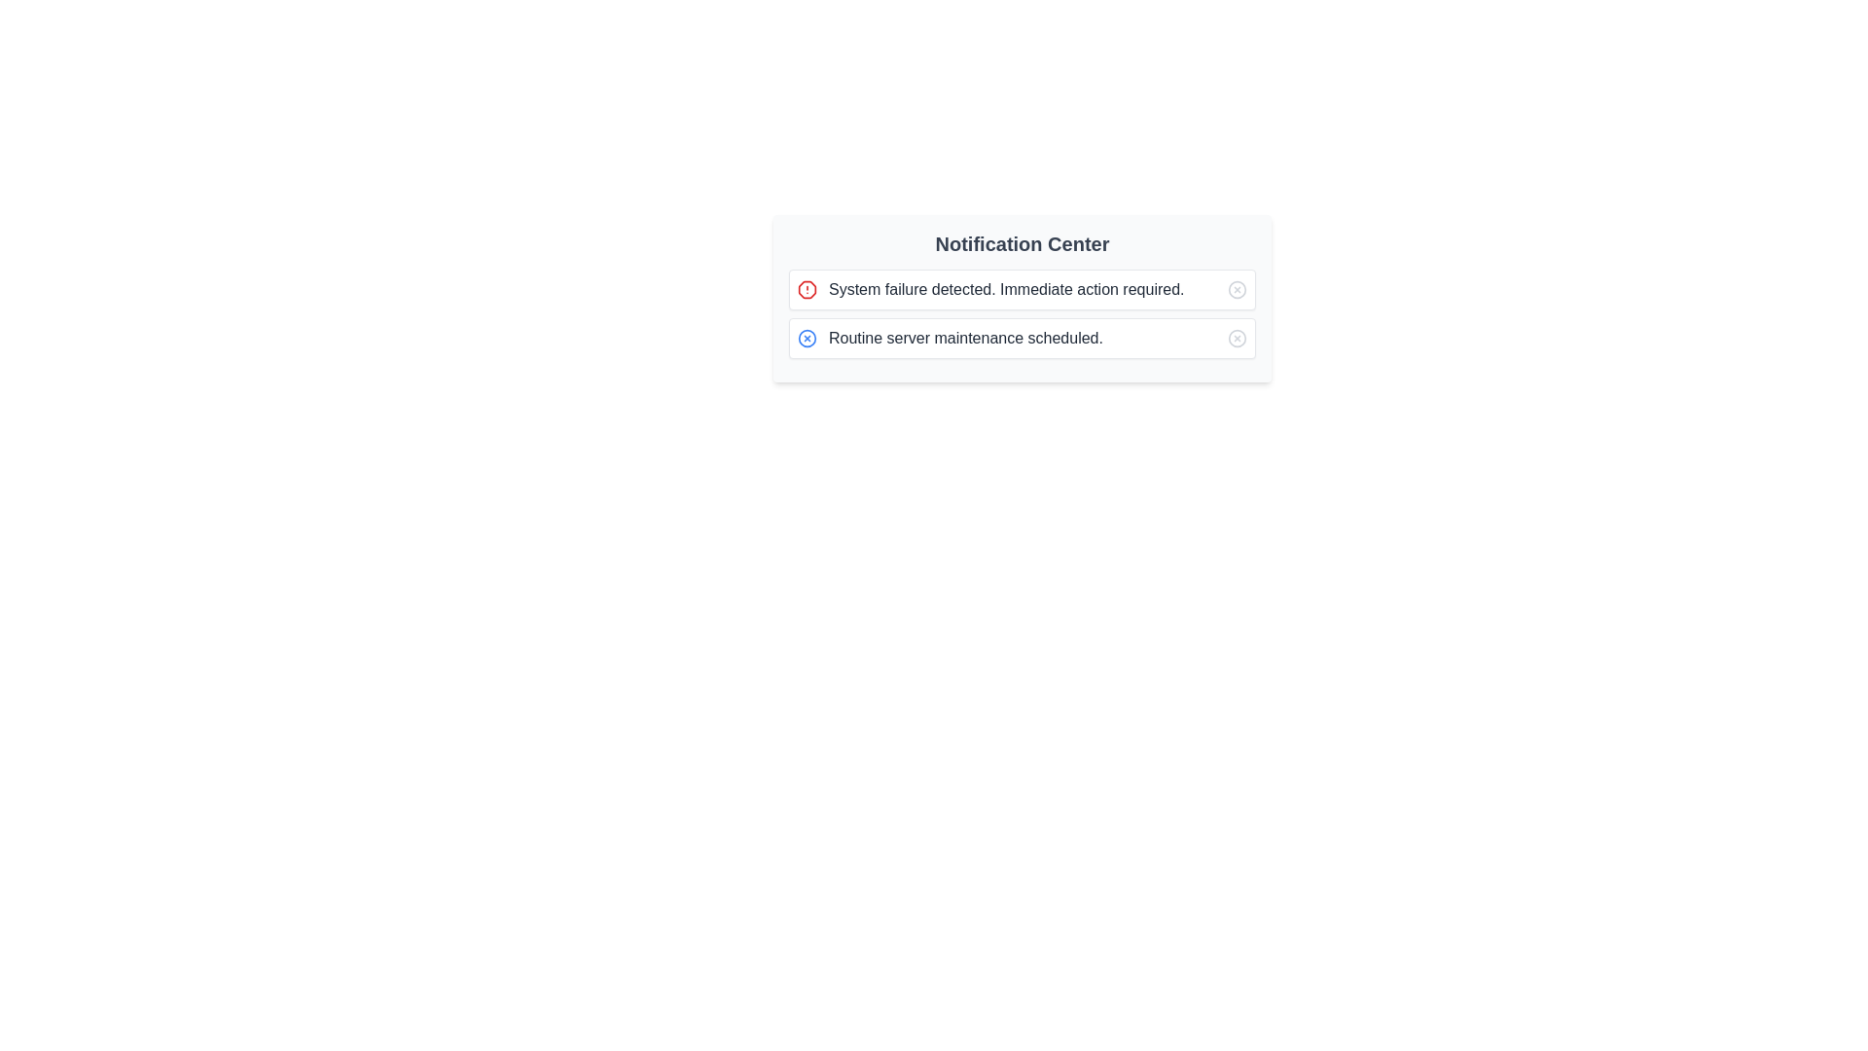 The image size is (1868, 1051). Describe the element at coordinates (1237, 337) in the screenshot. I see `the circular graphic within the icon located at the far right side of the second notification item stating 'Routine server maintenance scheduled' in the 'Notification Center'` at that location.